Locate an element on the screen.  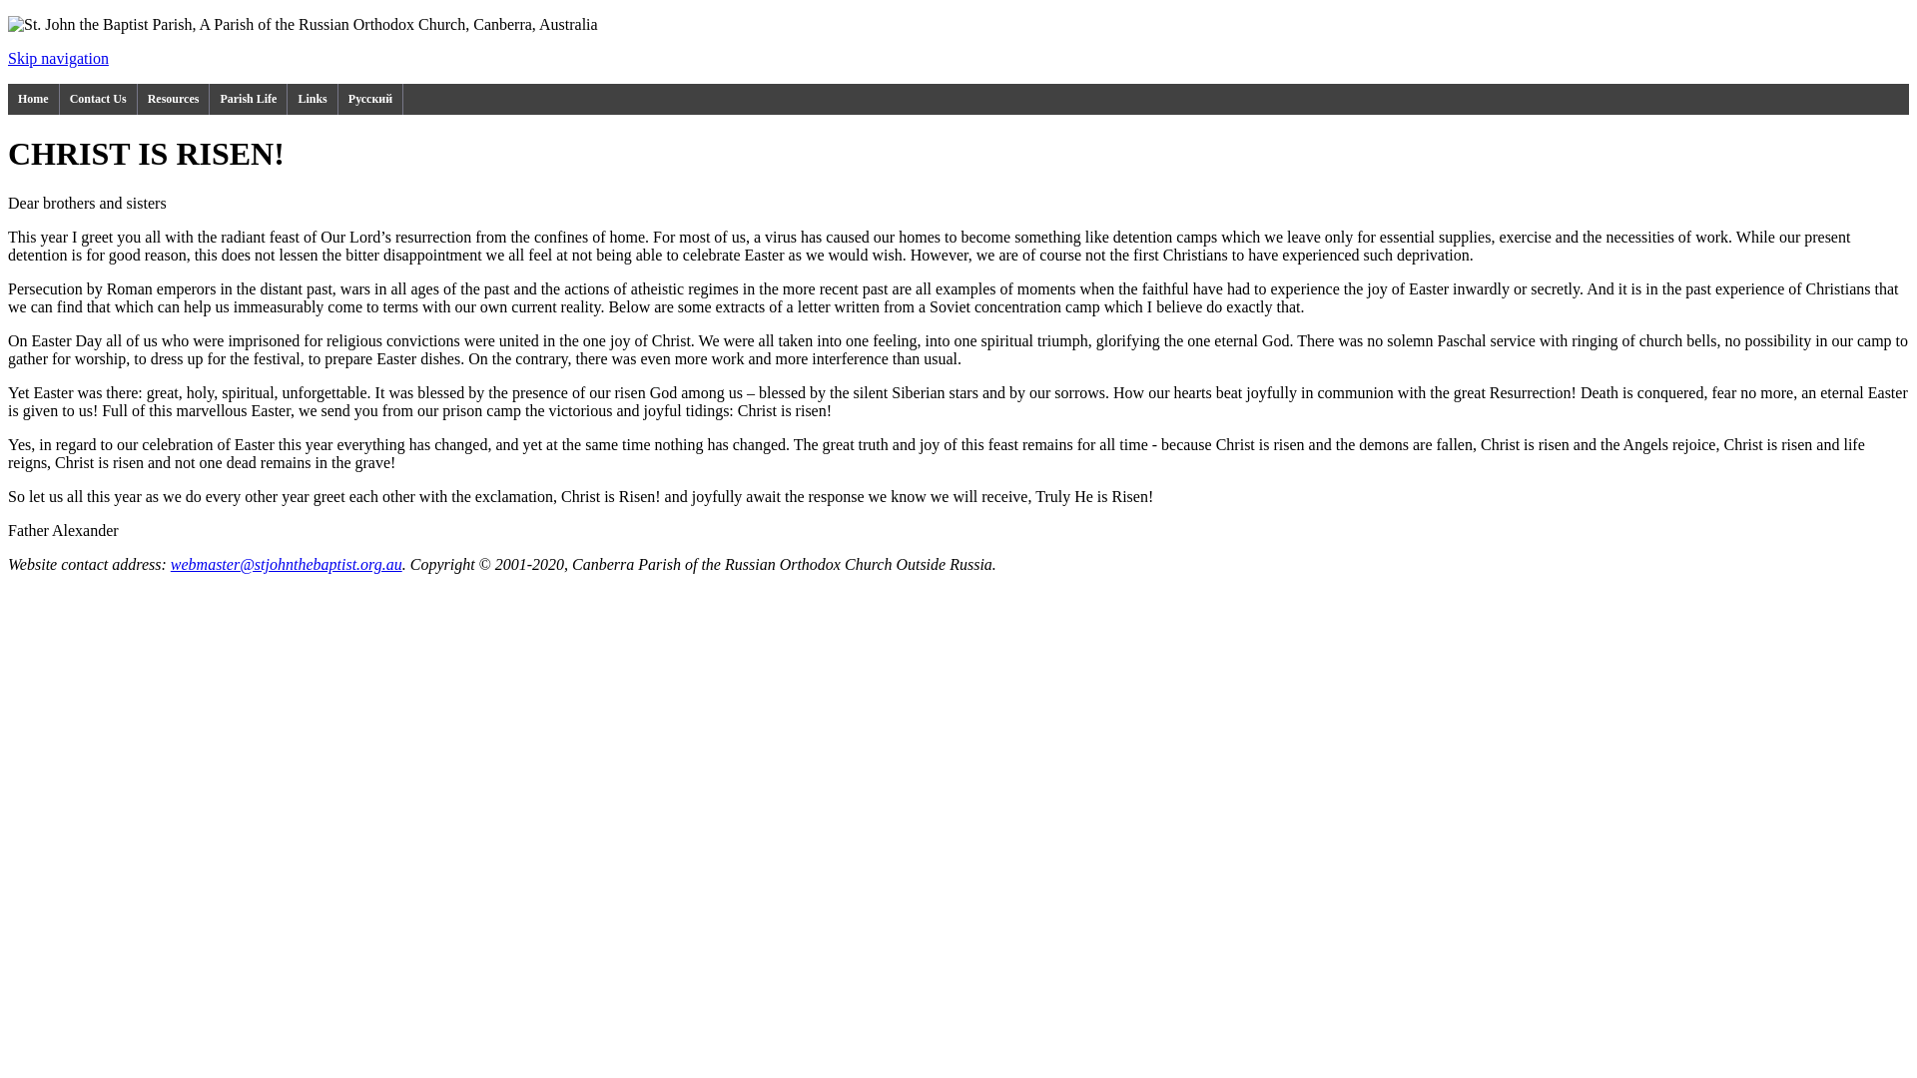
'Links' is located at coordinates (311, 99).